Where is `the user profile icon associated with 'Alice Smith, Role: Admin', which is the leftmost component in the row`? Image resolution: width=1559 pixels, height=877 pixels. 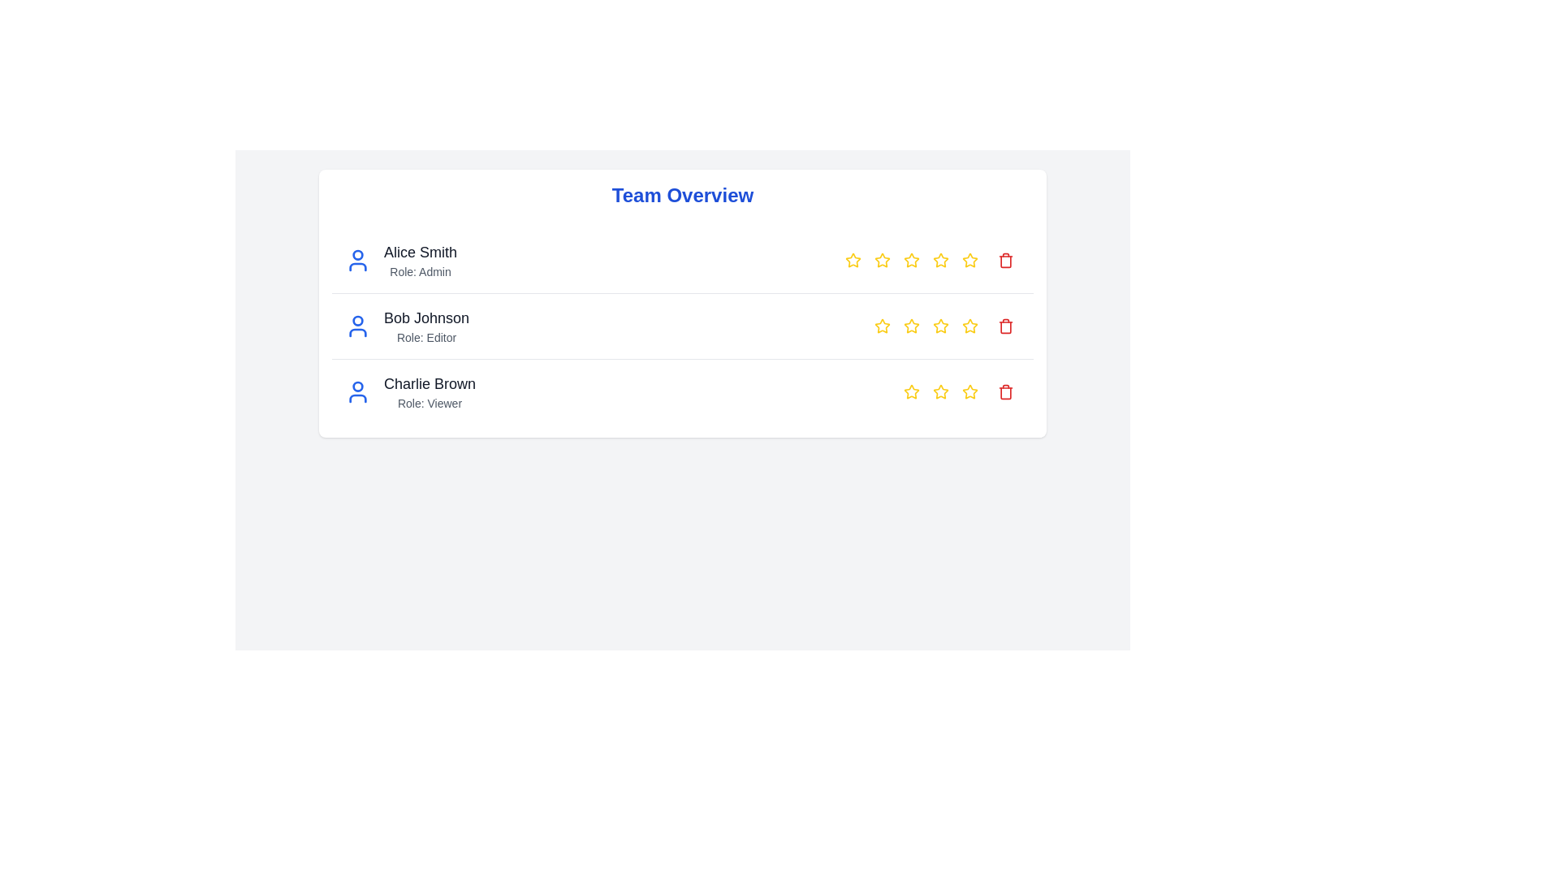 the user profile icon associated with 'Alice Smith, Role: Admin', which is the leftmost component in the row is located at coordinates (357, 259).